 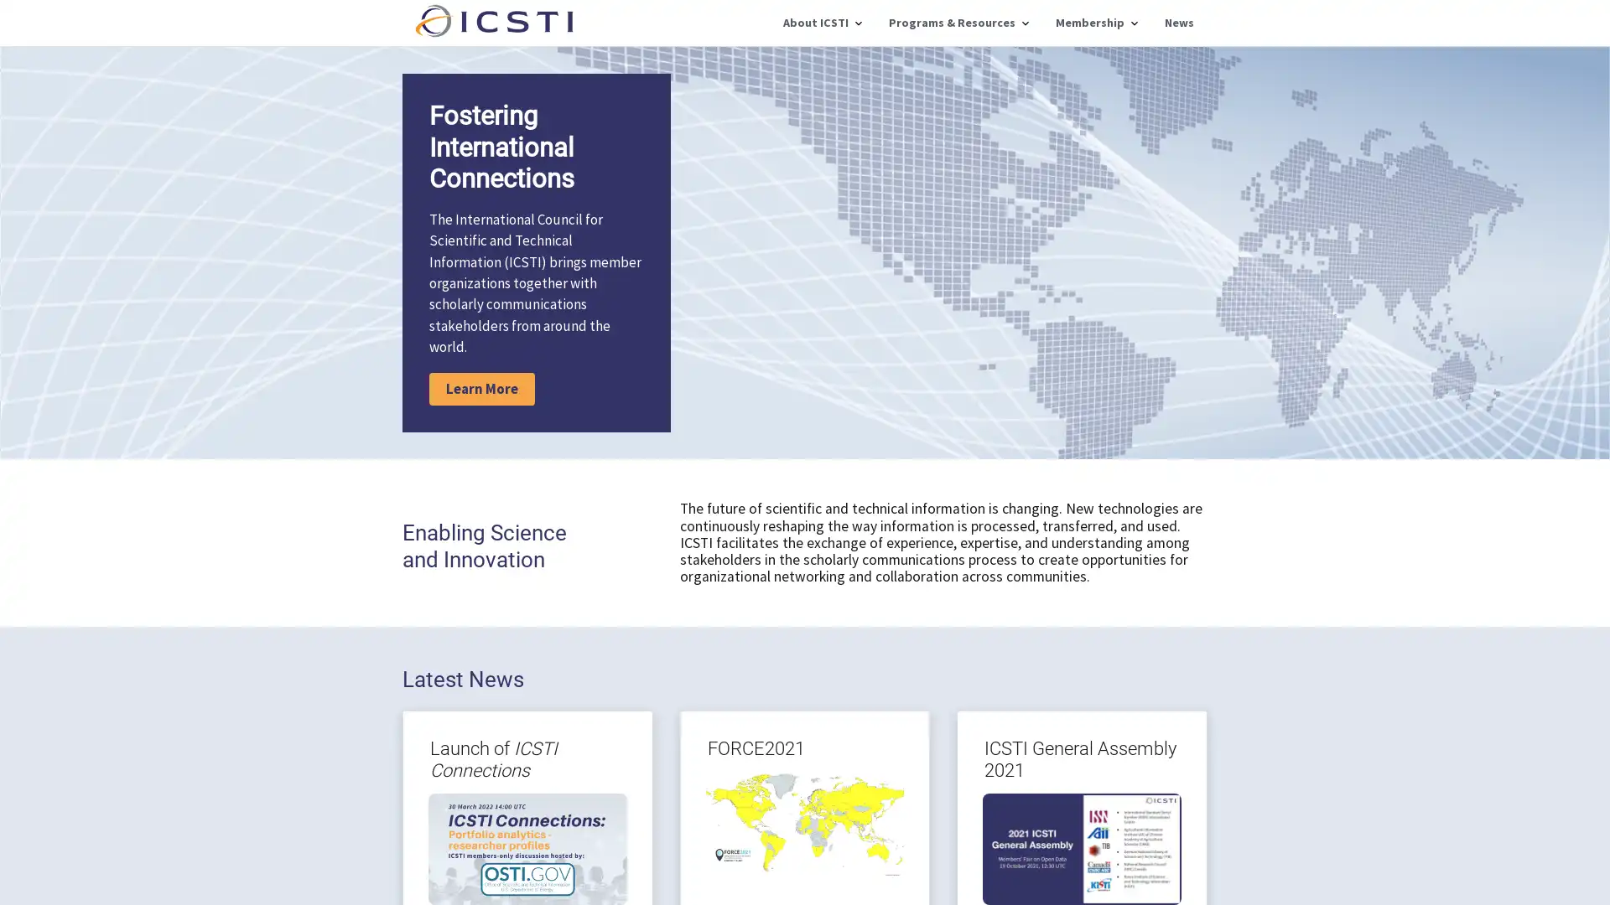 What do you see at coordinates (822, 23) in the screenshot?
I see `About ICSTI` at bounding box center [822, 23].